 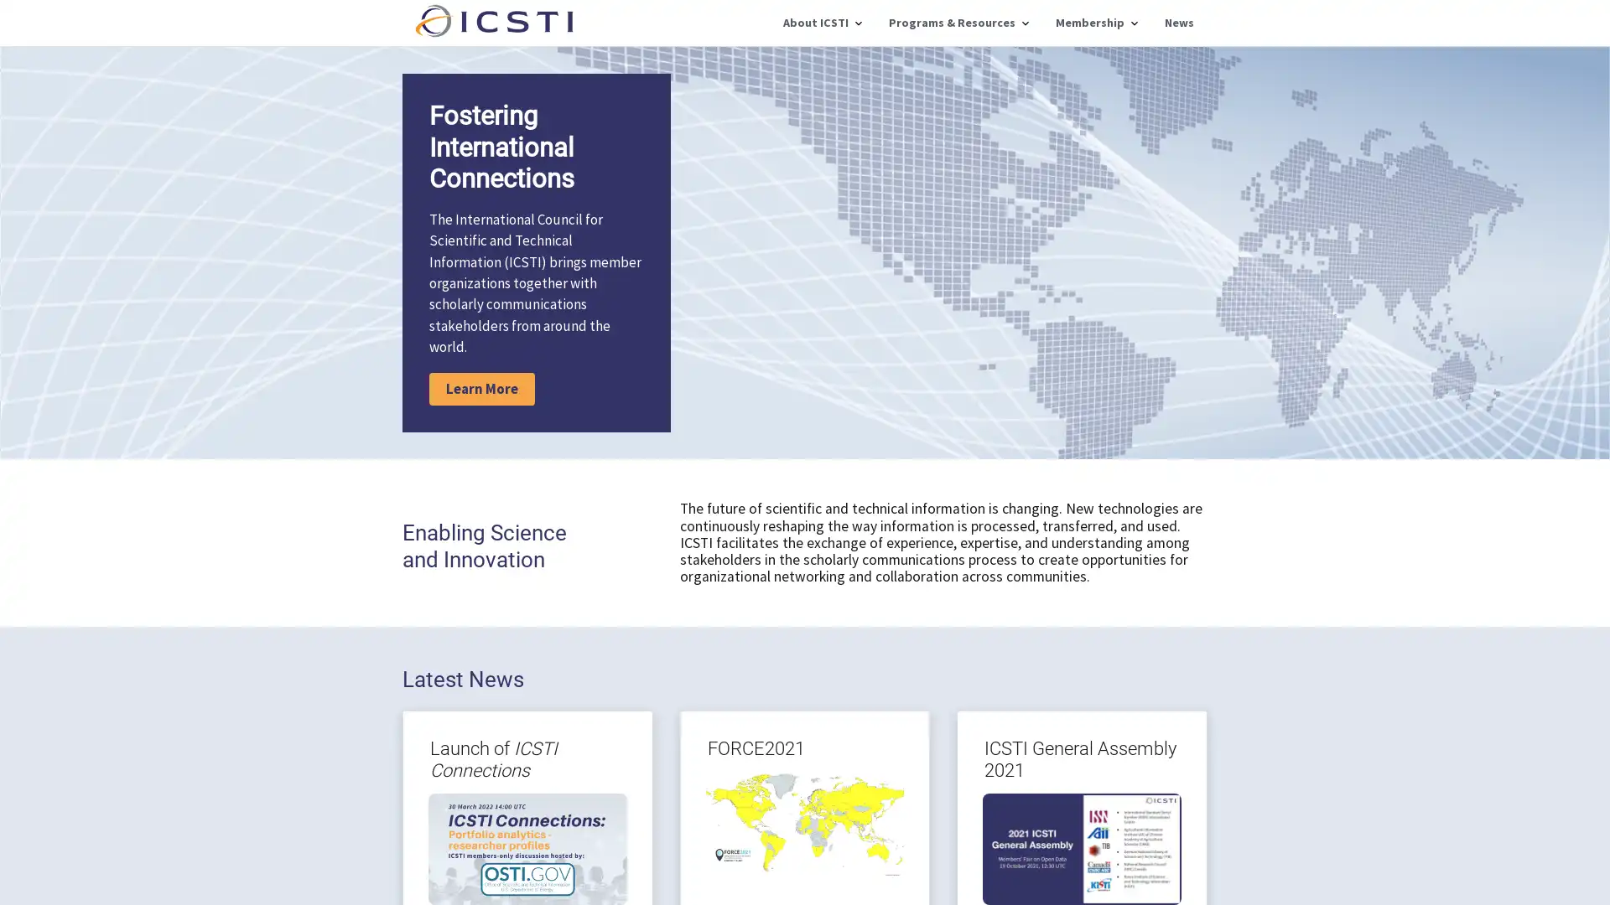 What do you see at coordinates (822, 23) in the screenshot?
I see `About ICSTI` at bounding box center [822, 23].